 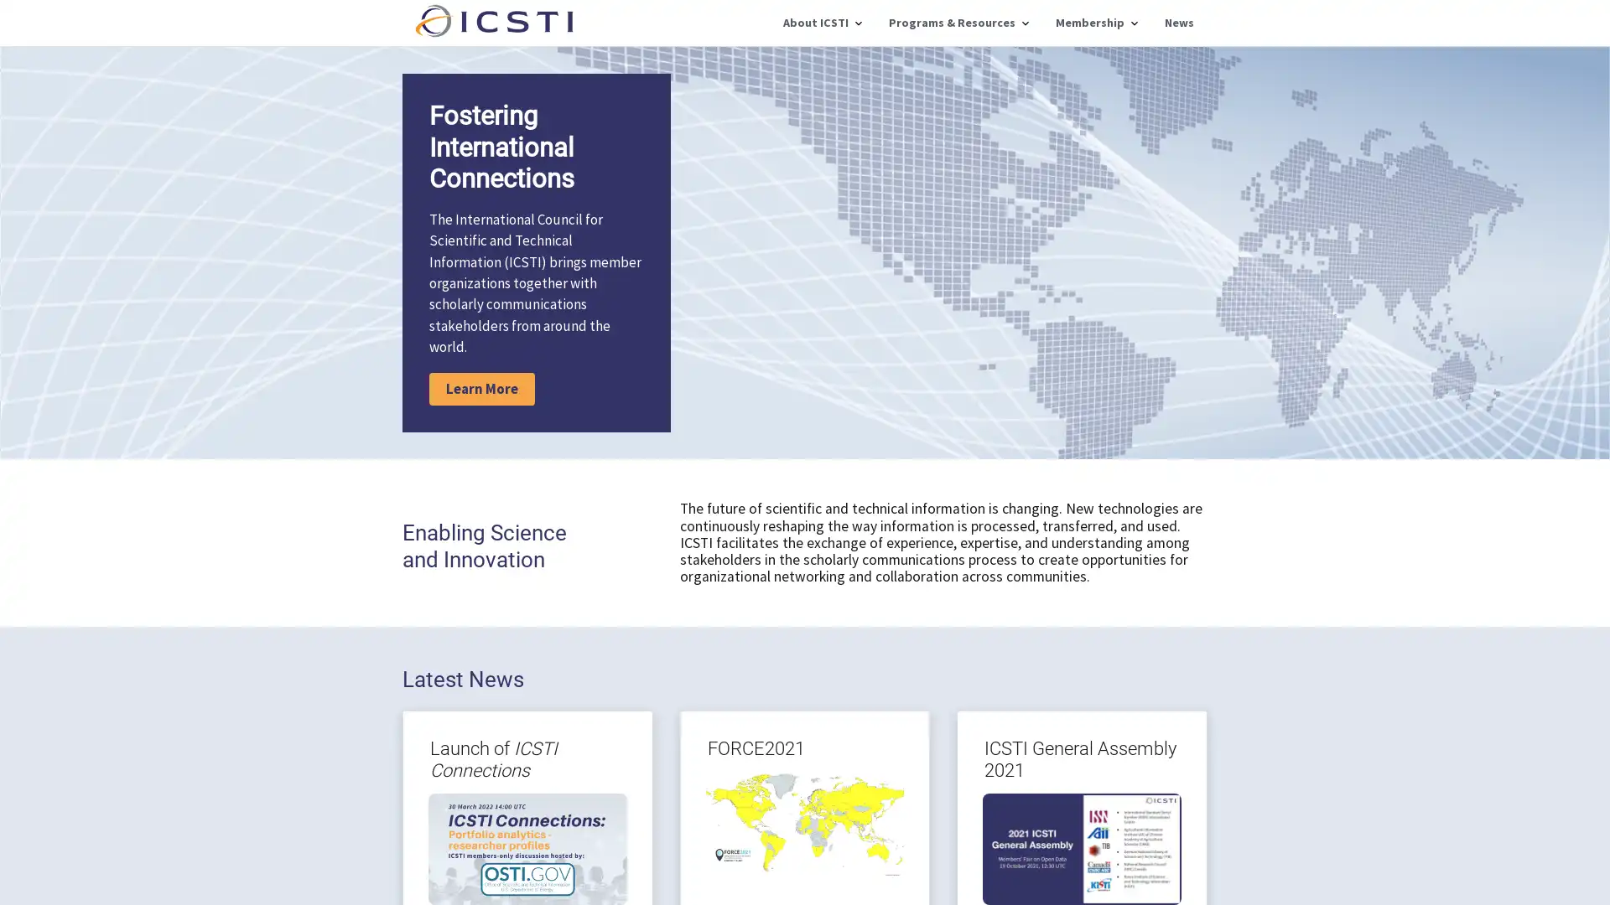 What do you see at coordinates (822, 23) in the screenshot?
I see `About ICSTI` at bounding box center [822, 23].